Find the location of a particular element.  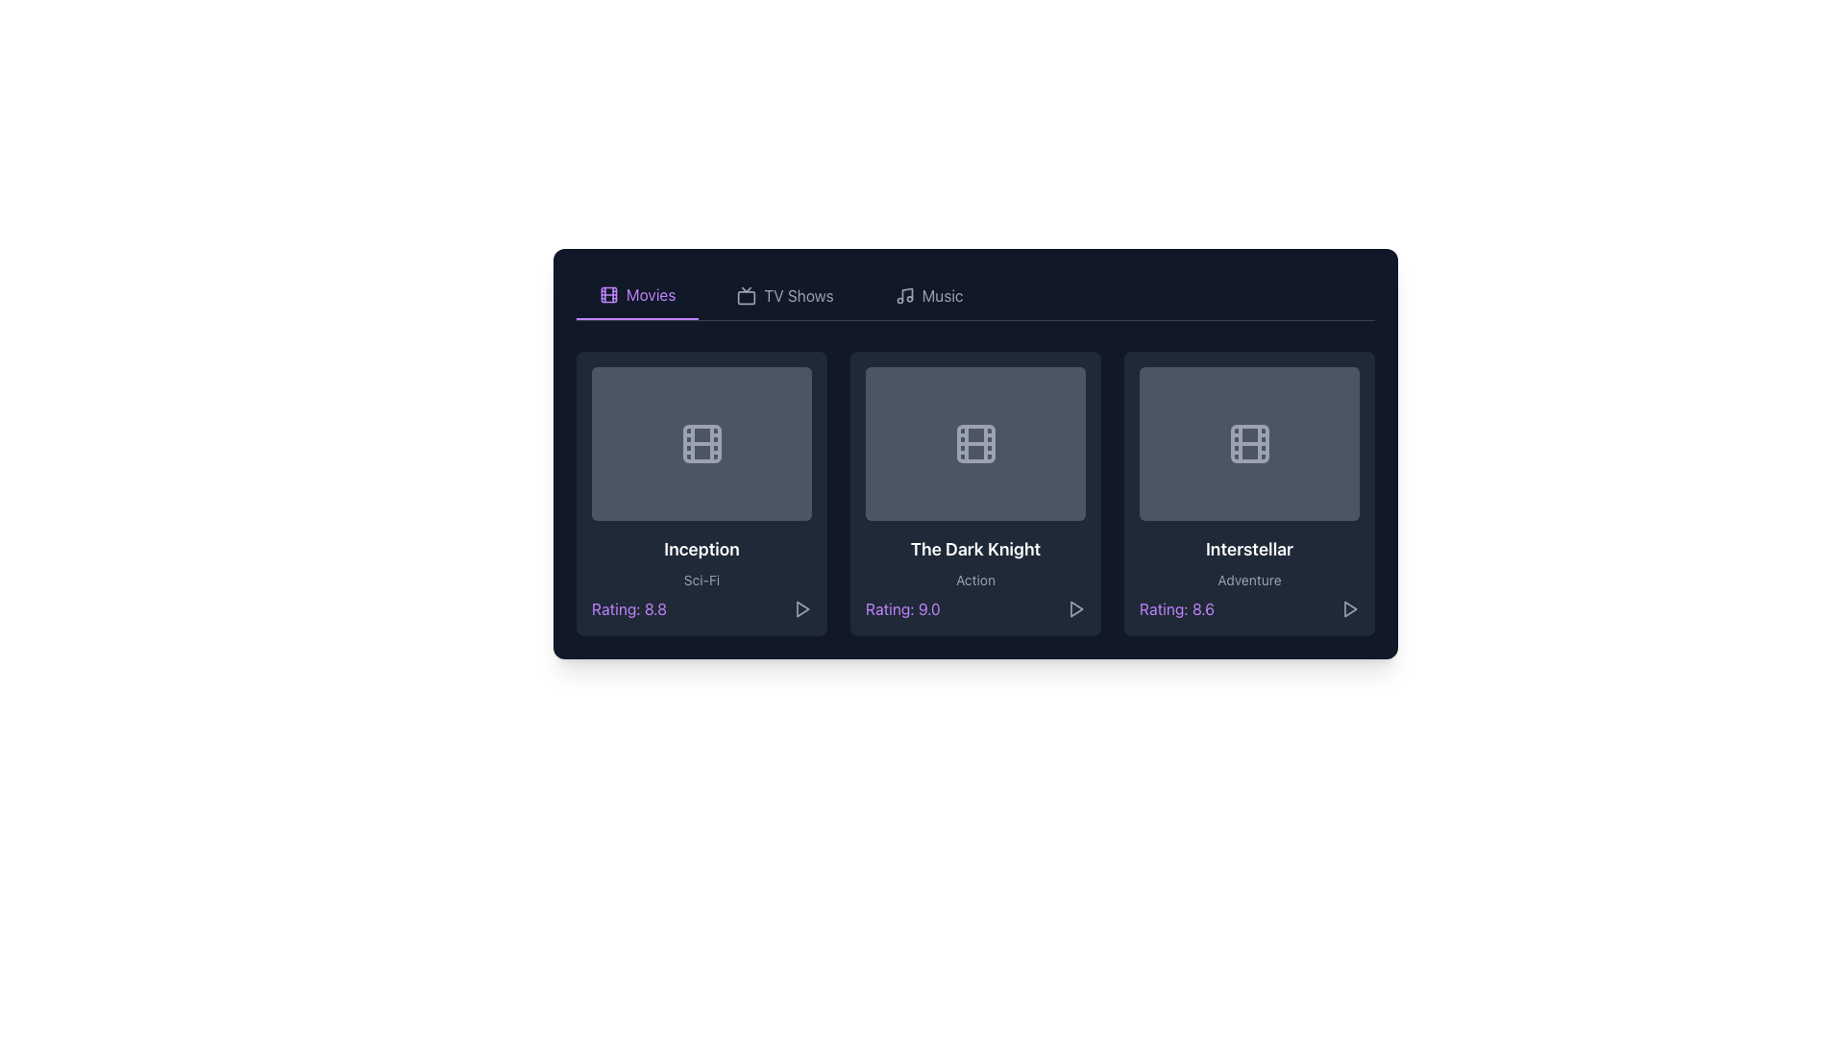

the triangular play icon outlined in gray located at the bottom right of the 'Interstellar' movie card to trigger the hover effect is located at coordinates (1349, 608).